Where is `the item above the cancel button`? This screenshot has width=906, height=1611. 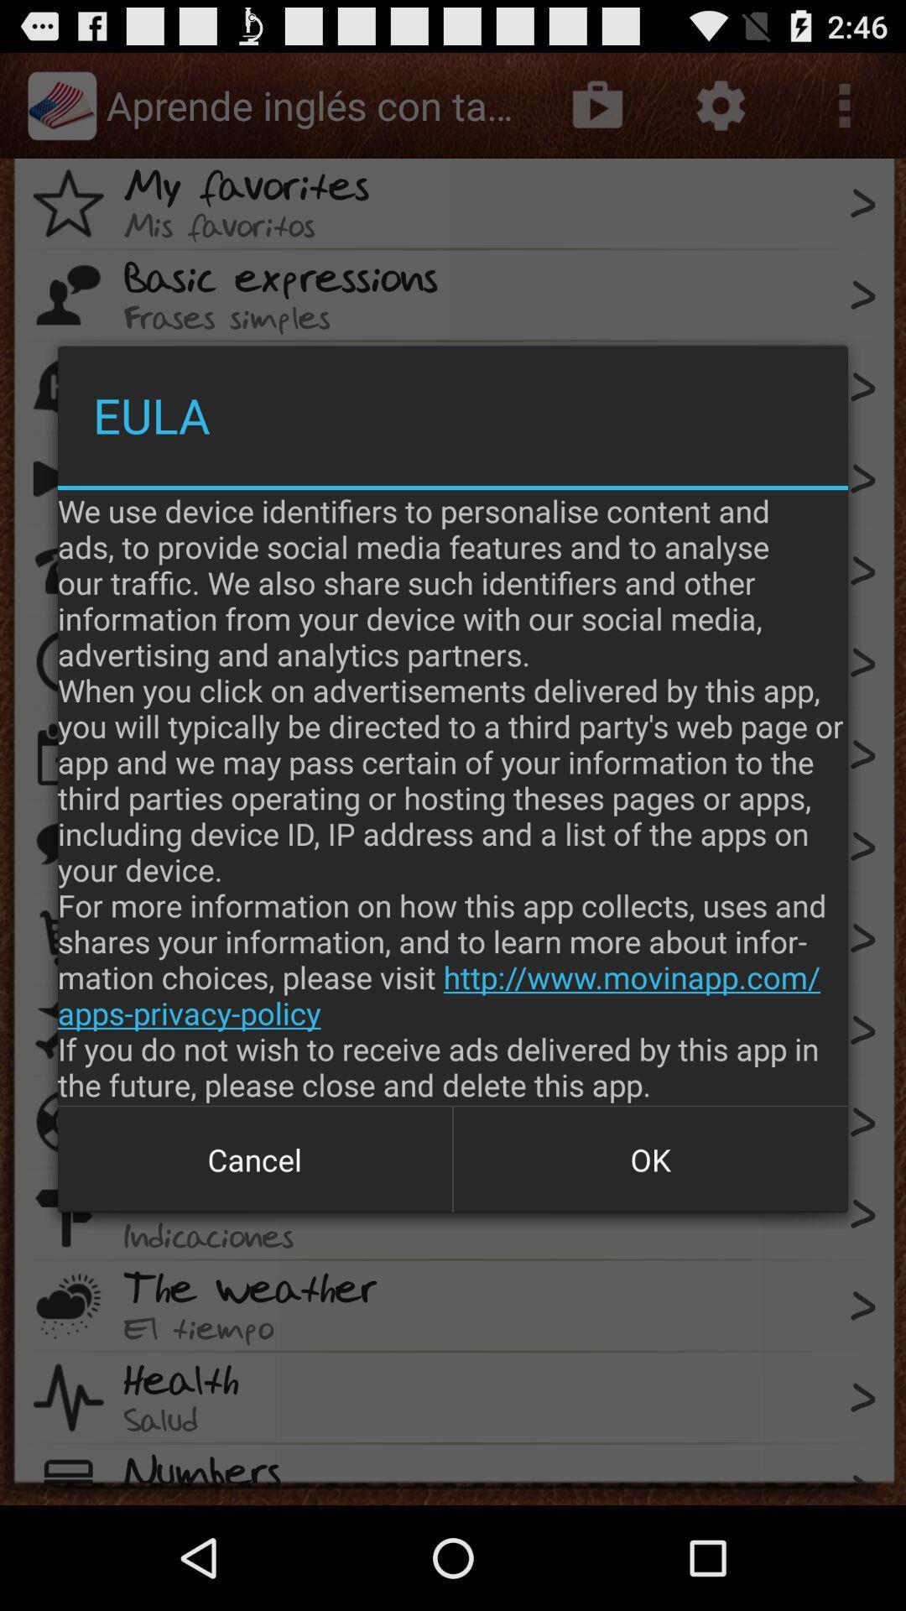 the item above the cancel button is located at coordinates (453, 796).